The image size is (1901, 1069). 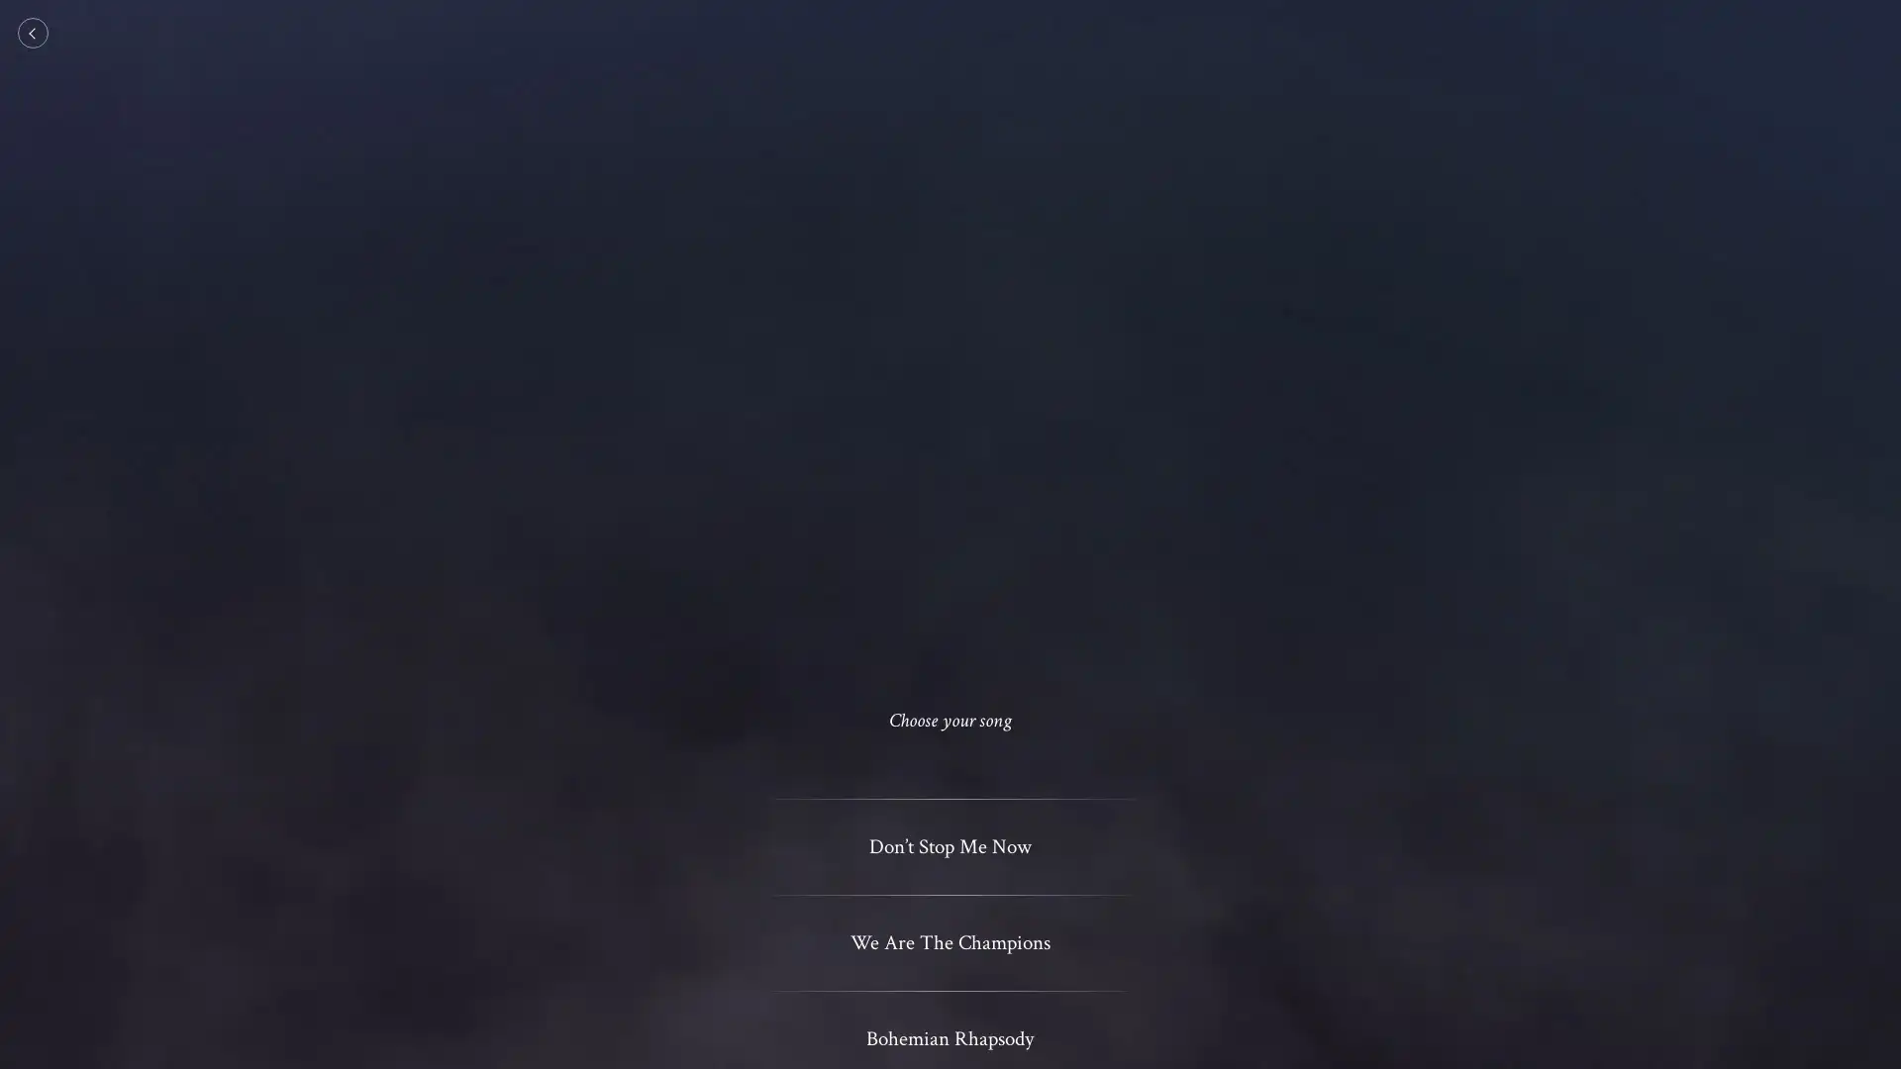 What do you see at coordinates (949, 846) in the screenshot?
I see `Click to select Dont Stop Me Now` at bounding box center [949, 846].